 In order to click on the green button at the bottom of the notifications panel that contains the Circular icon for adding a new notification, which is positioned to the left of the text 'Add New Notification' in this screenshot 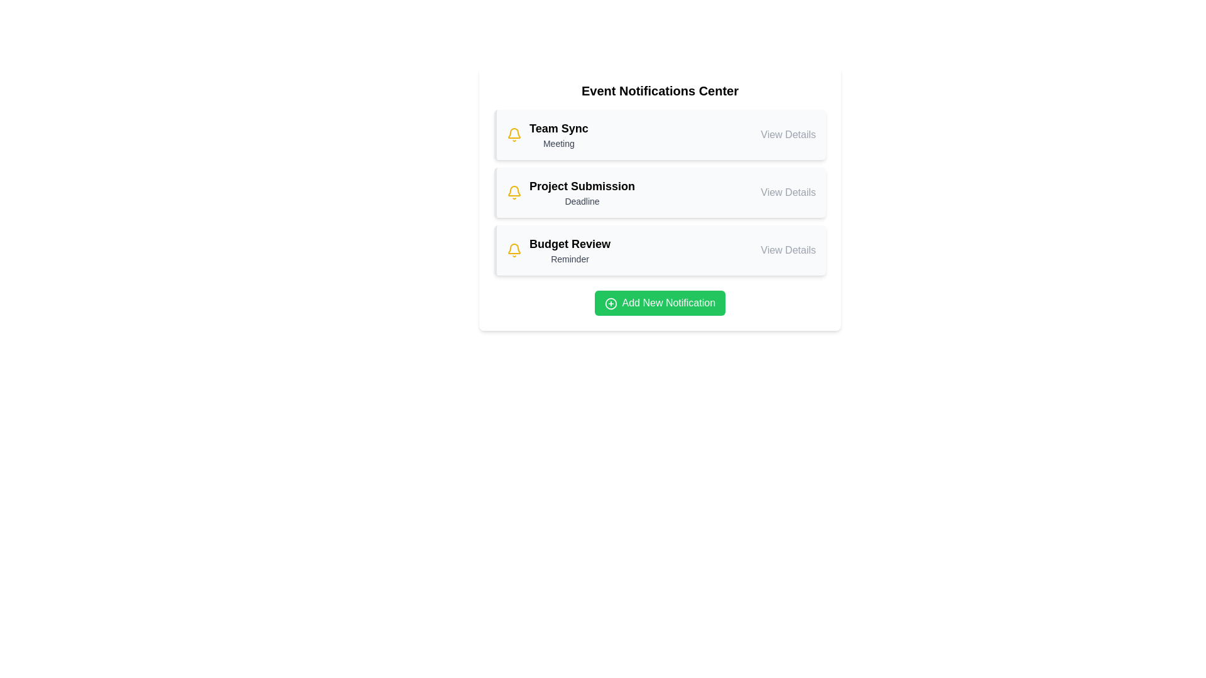, I will do `click(611, 303)`.